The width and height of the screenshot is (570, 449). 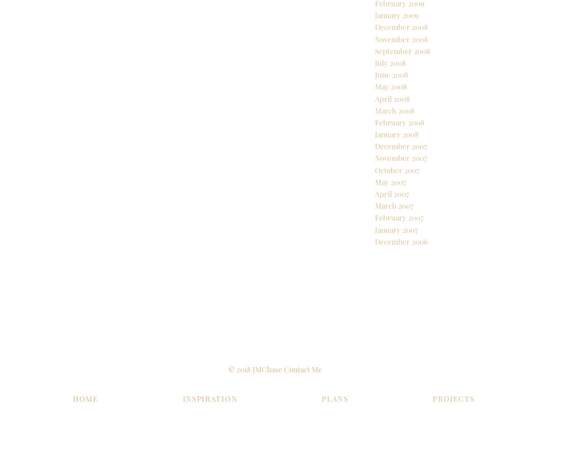 What do you see at coordinates (375, 21) in the screenshot?
I see `'March 2009'` at bounding box center [375, 21].